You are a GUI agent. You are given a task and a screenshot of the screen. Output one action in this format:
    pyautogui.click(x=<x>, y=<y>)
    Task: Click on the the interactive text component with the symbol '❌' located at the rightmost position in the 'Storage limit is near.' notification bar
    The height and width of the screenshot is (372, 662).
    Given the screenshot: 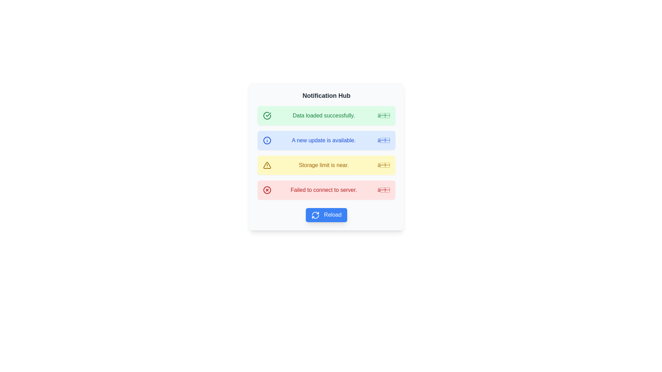 What is the action you would take?
    pyautogui.click(x=383, y=165)
    